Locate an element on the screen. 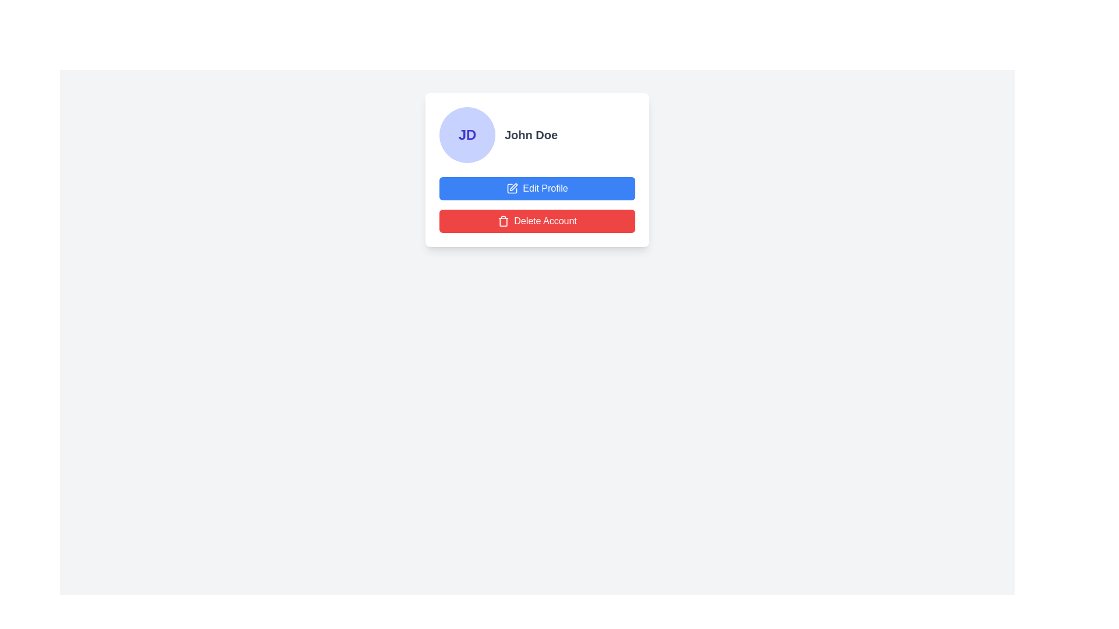 Image resolution: width=1119 pixels, height=629 pixels. the 'Delete Account' button located below the 'Edit Profile' button in the card-like structure to initiate account deletion is located at coordinates (536, 221).